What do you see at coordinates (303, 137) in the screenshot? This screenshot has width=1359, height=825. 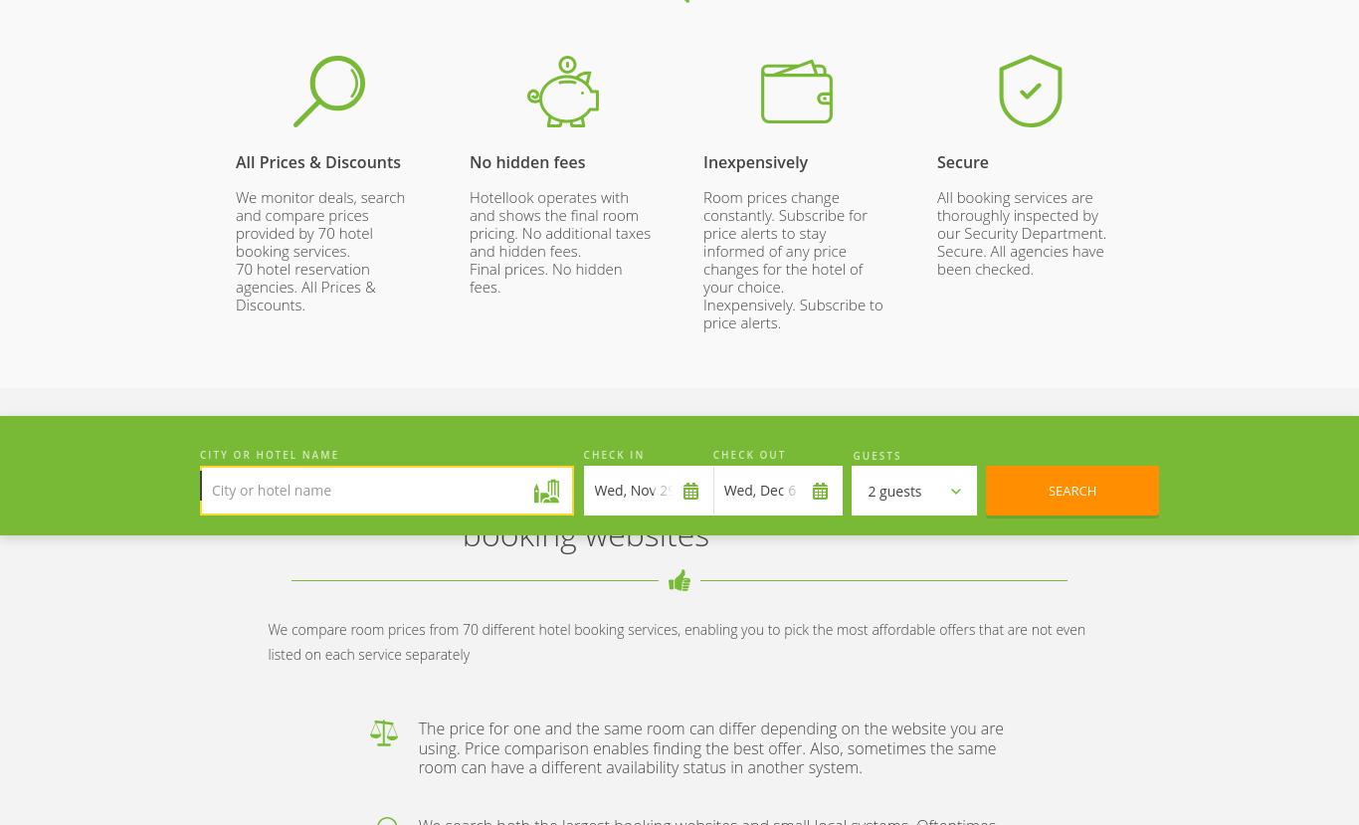 I see `'hotels'` at bounding box center [303, 137].